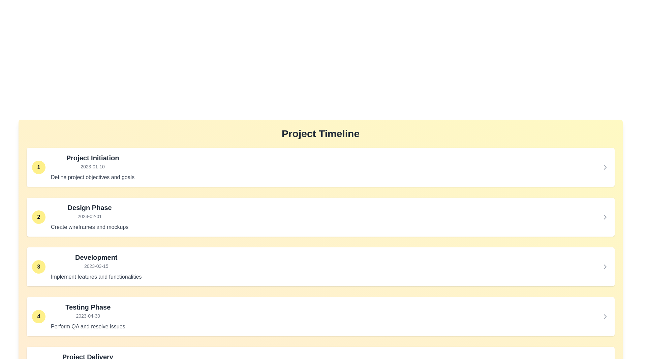  I want to click on the sequential indicator marking the phase number in the project timeline located on the left side of the 'Development' panel, so click(38, 267).